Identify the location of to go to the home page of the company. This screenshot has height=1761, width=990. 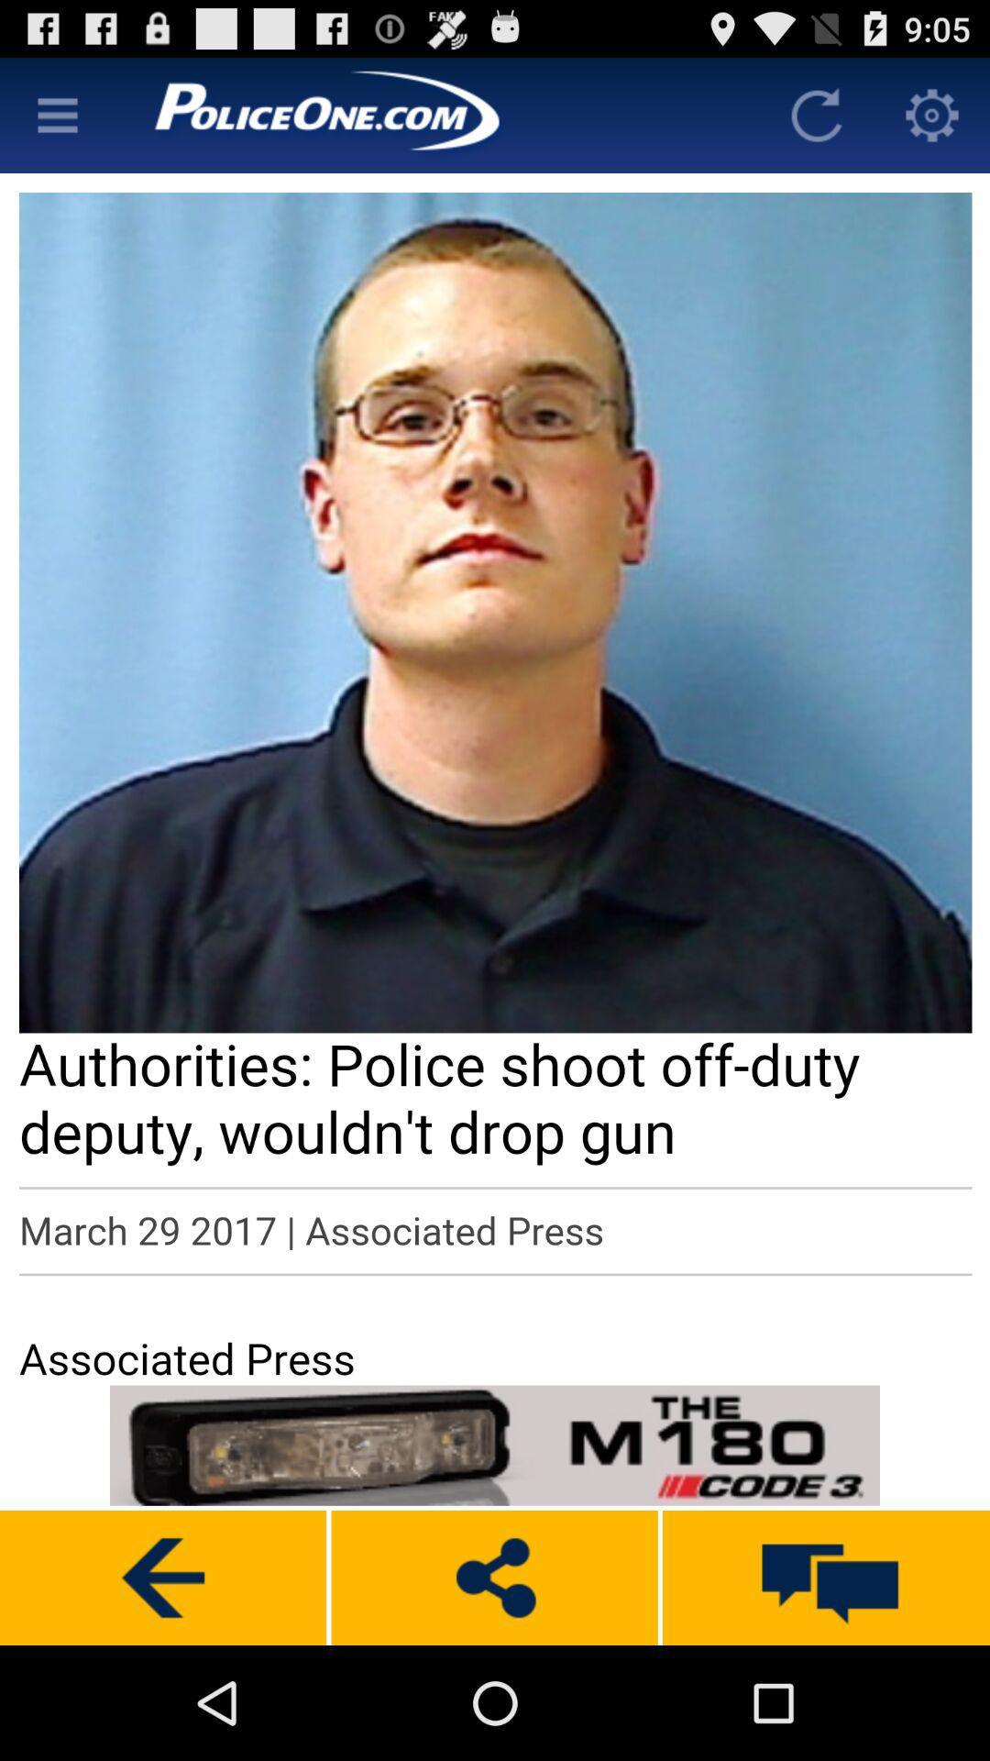
(437, 114).